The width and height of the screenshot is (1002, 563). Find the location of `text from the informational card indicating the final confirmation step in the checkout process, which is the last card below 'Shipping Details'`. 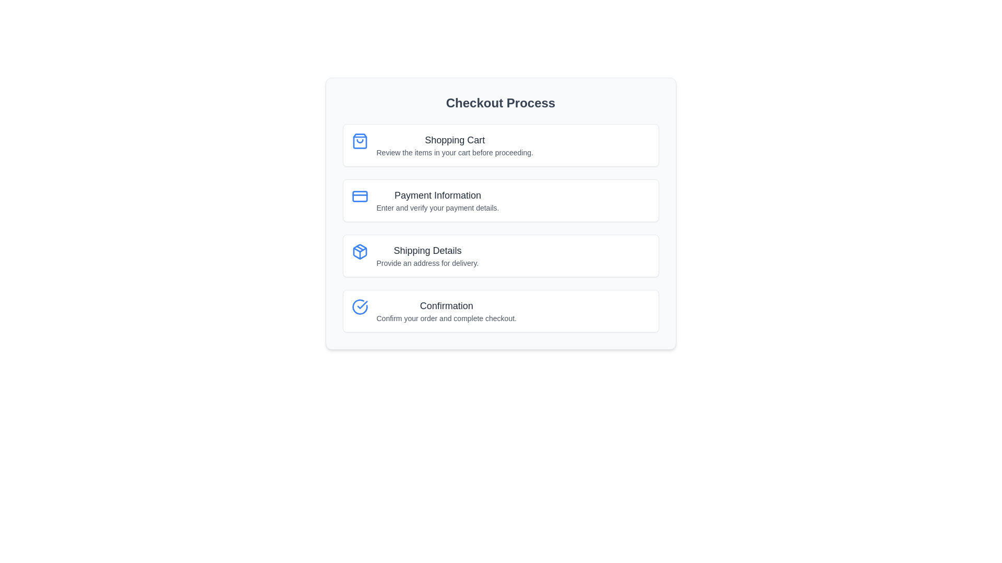

text from the informational card indicating the final confirmation step in the checkout process, which is the last card below 'Shipping Details' is located at coordinates (500, 311).